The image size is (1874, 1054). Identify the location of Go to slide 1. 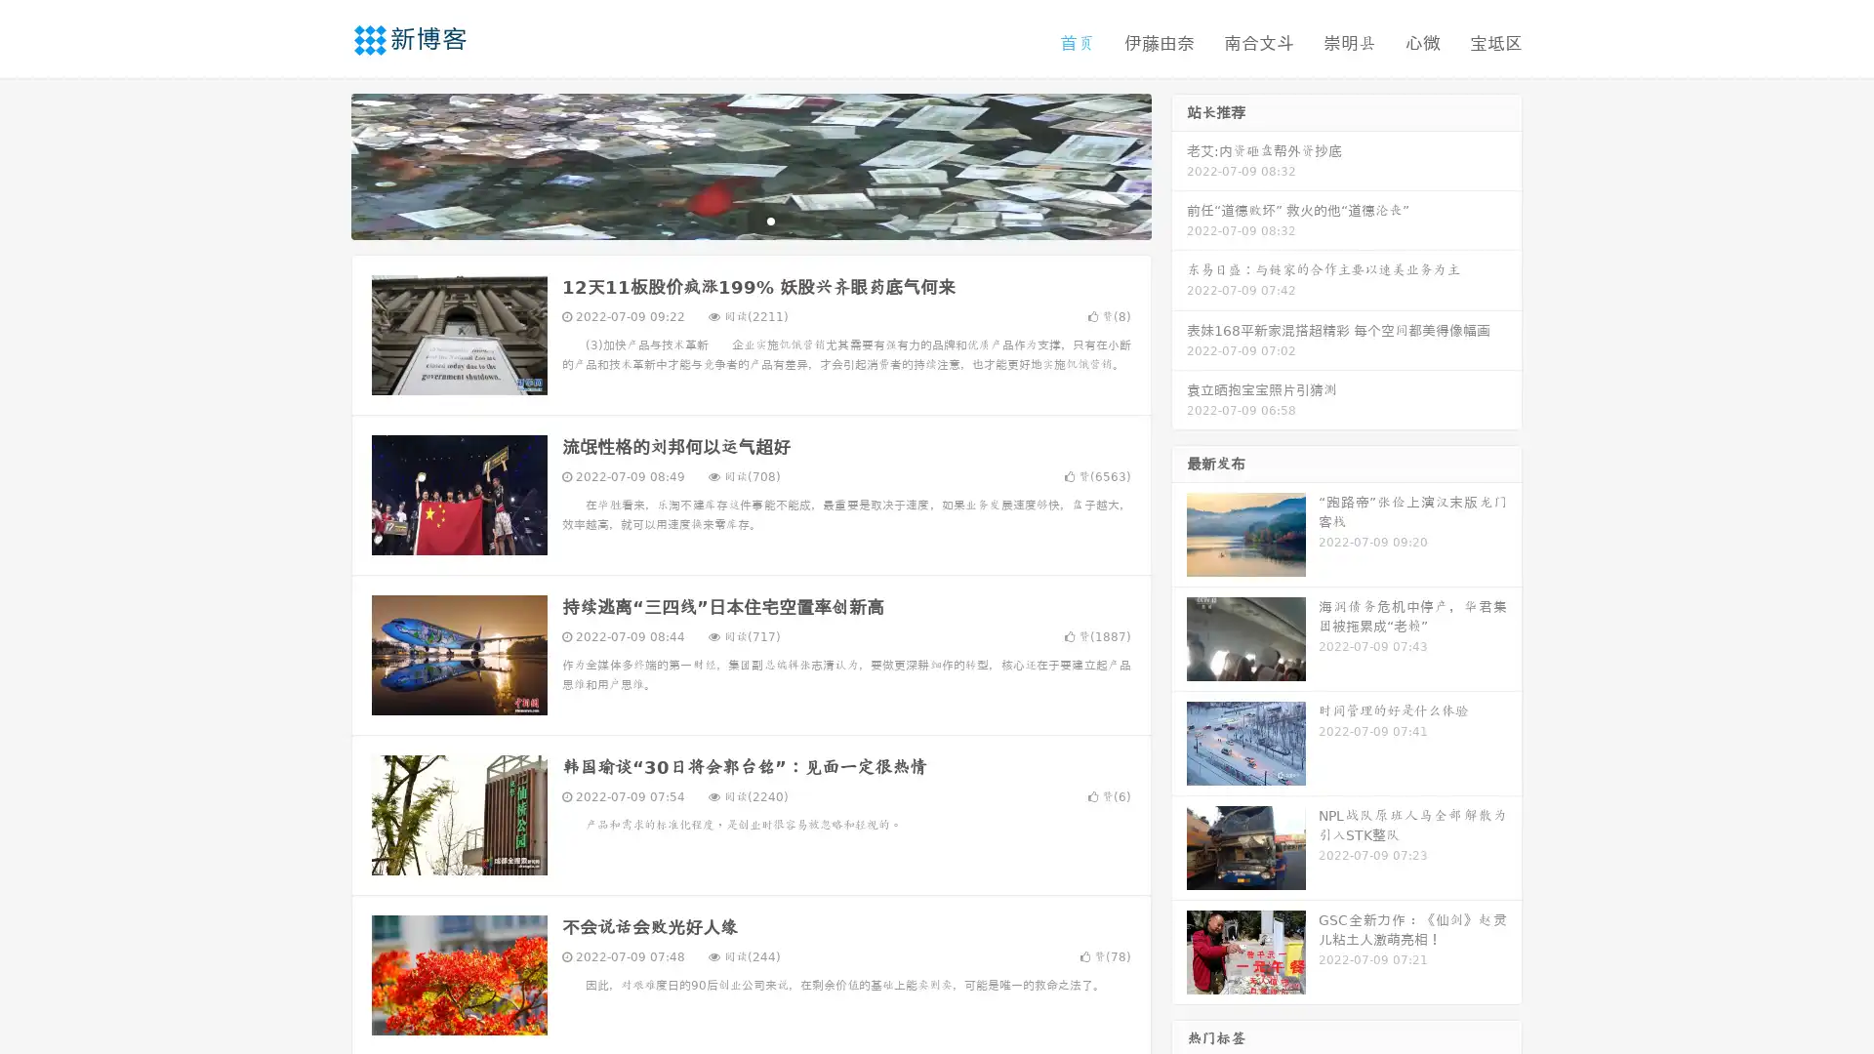
(730, 220).